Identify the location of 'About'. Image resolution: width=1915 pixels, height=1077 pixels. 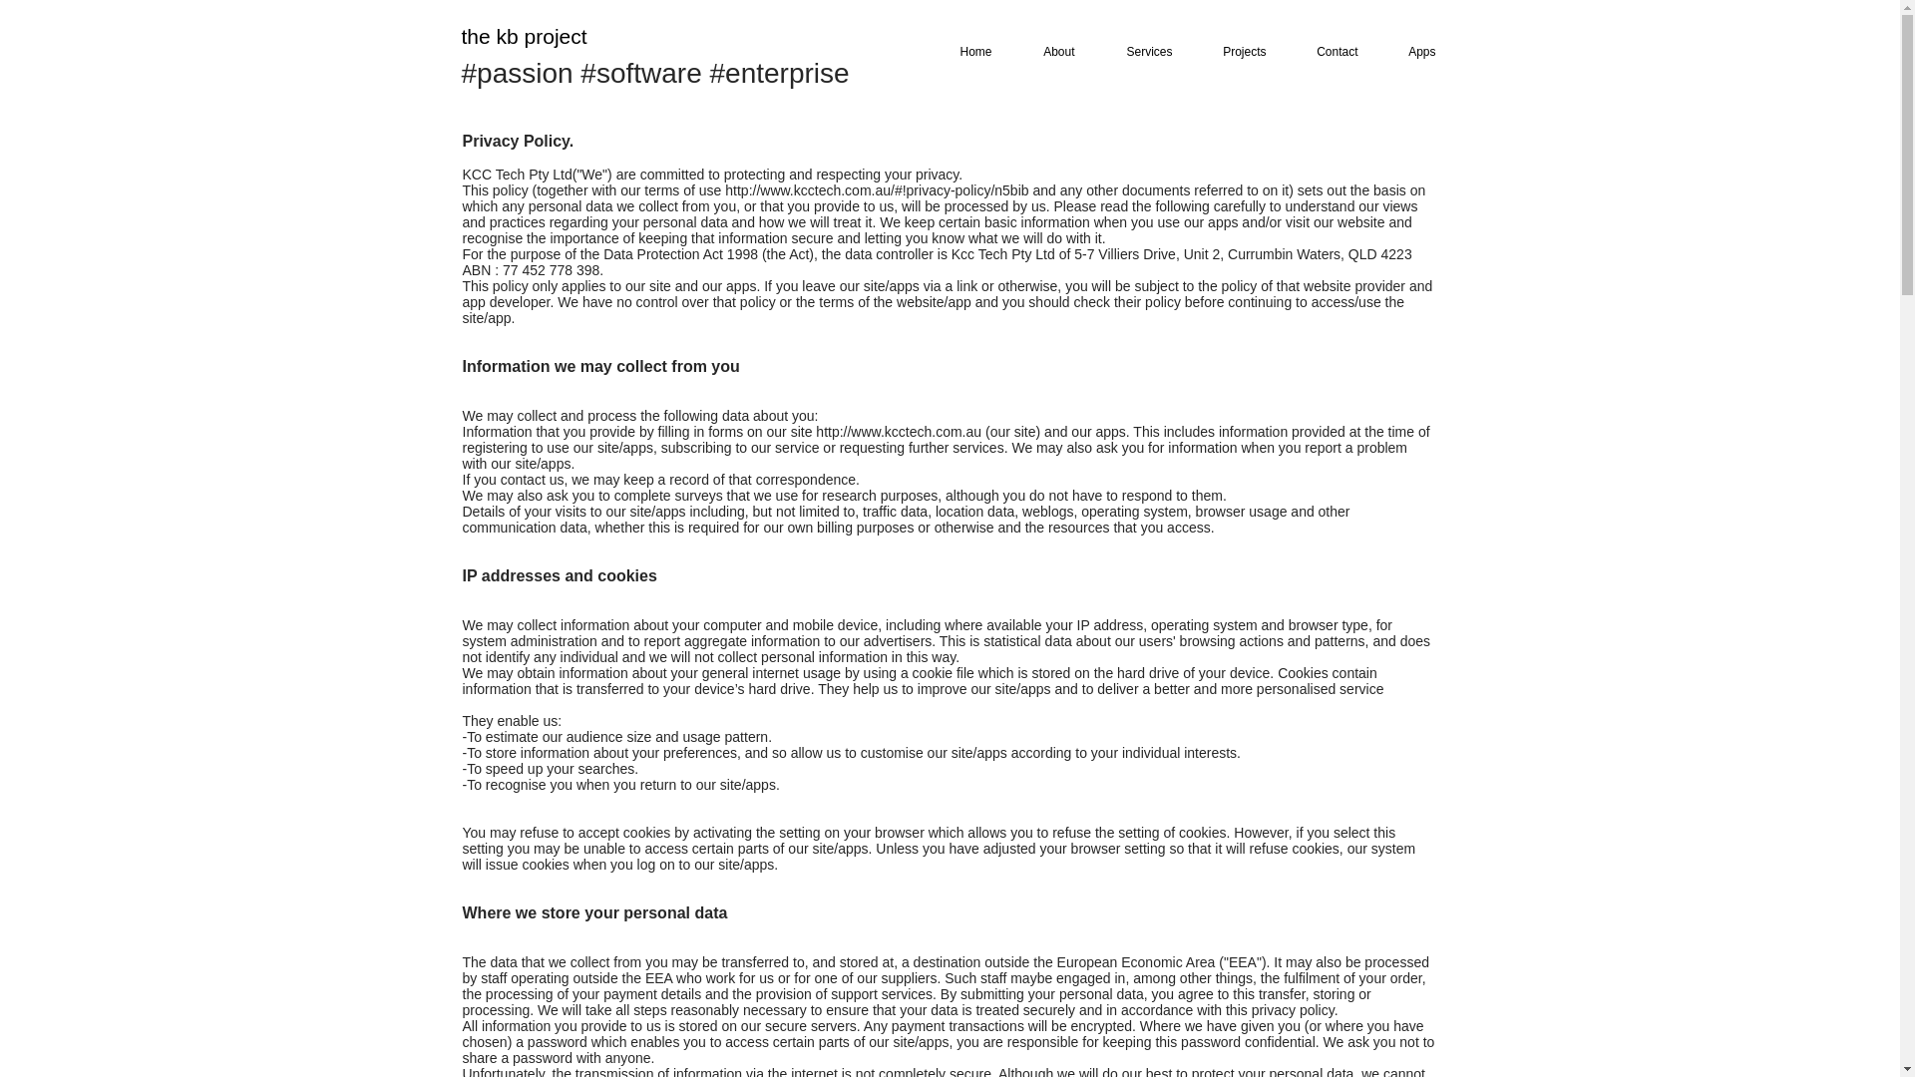
(1049, 51).